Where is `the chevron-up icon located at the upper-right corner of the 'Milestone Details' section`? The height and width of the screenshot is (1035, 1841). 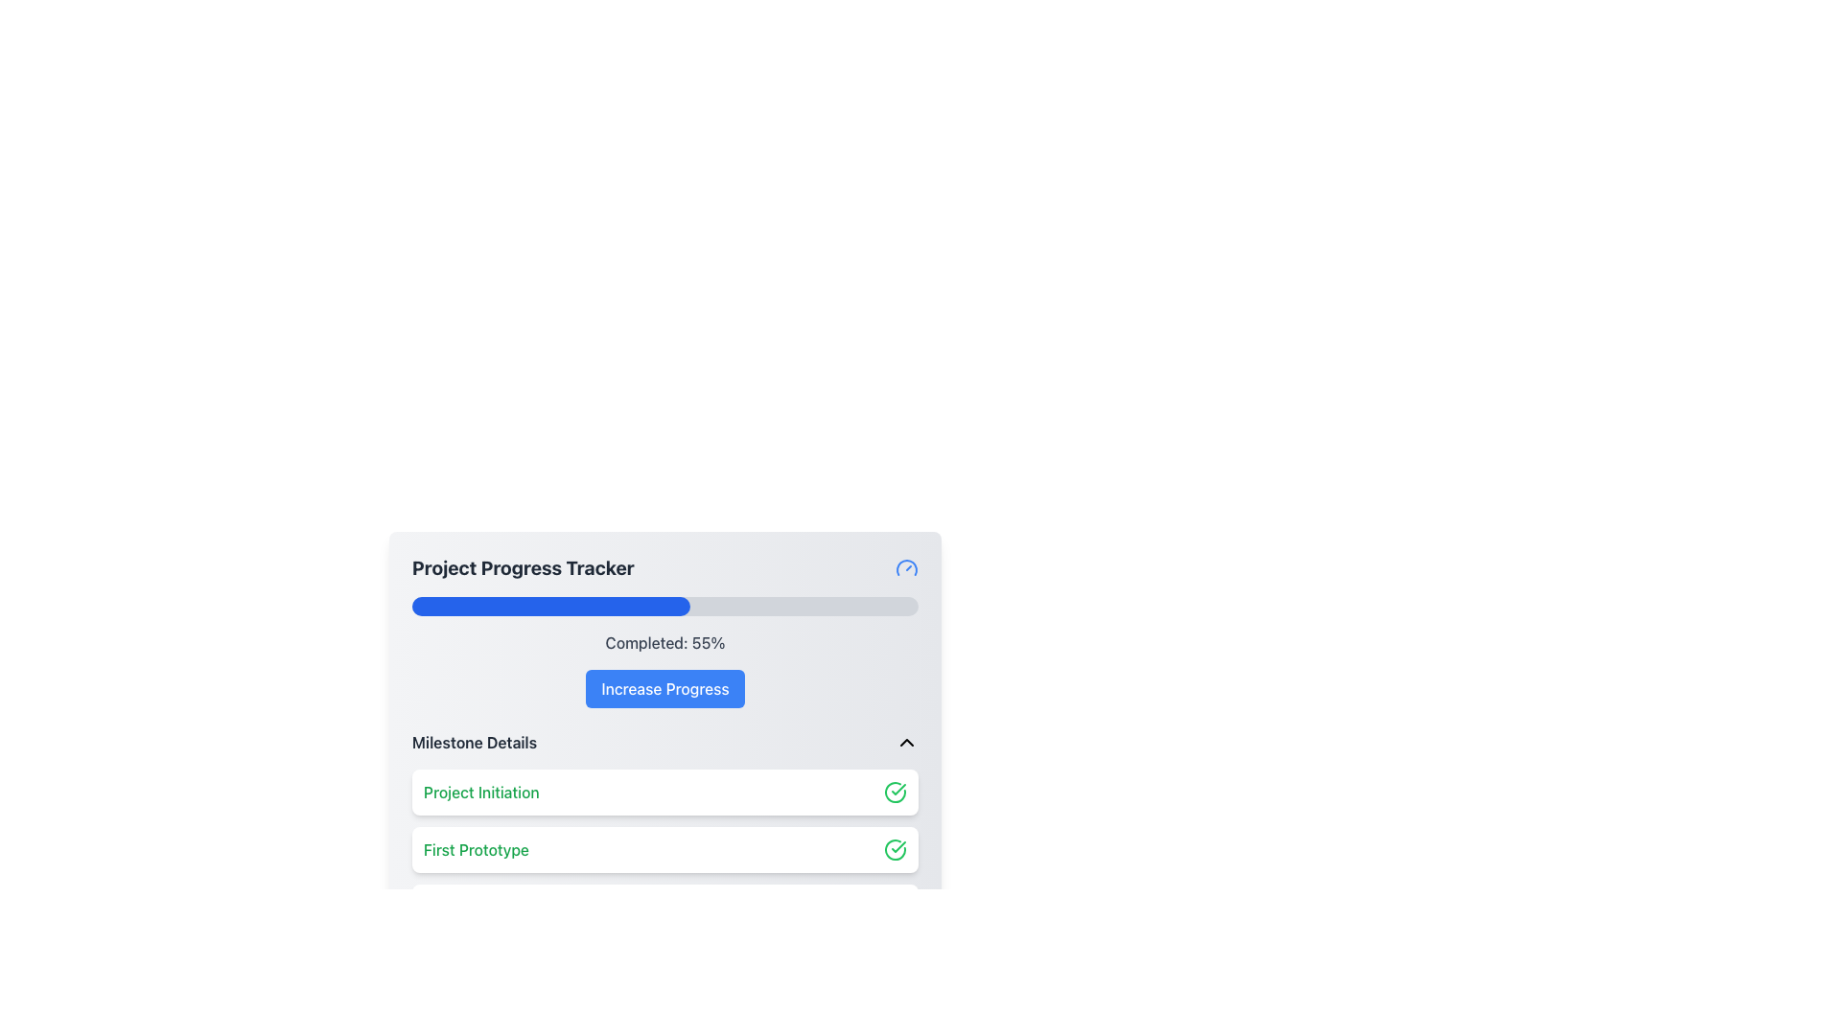
the chevron-up icon located at the upper-right corner of the 'Milestone Details' section is located at coordinates (905, 742).